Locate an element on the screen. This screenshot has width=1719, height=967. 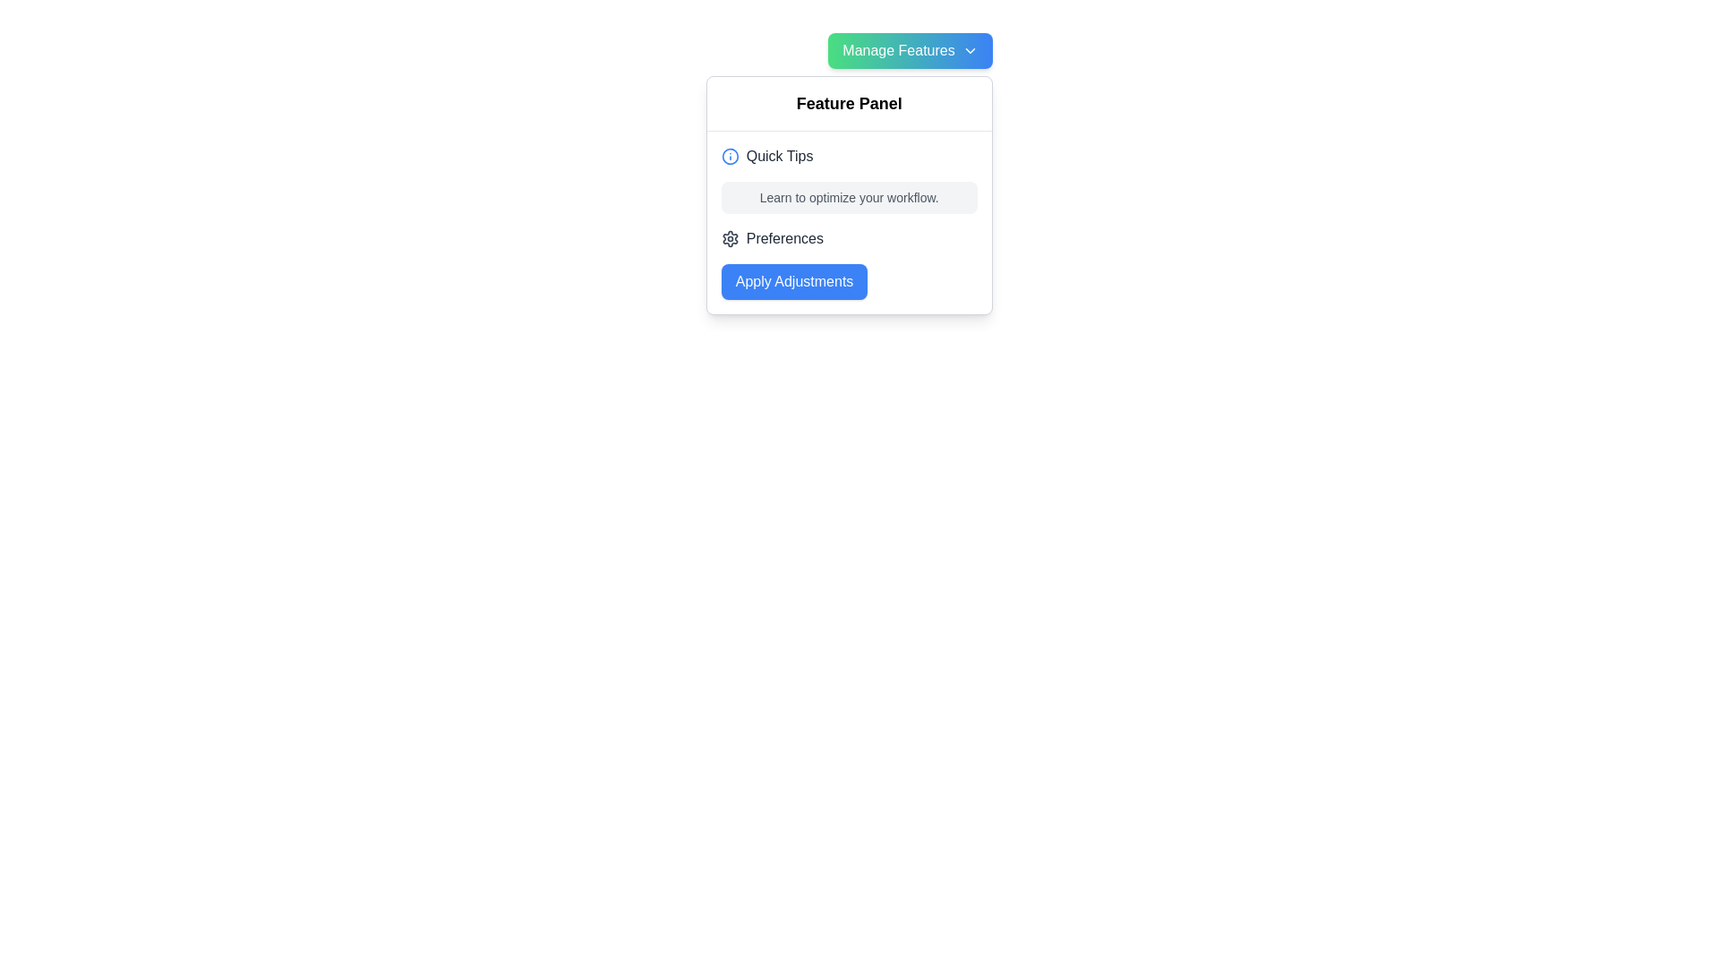
the 'Feature Panel' text label, which is a rectangular UI component with a bold black font on a white background, located at the top of the floating panel, immediately below the 'Manage Features' button is located at coordinates (848, 104).